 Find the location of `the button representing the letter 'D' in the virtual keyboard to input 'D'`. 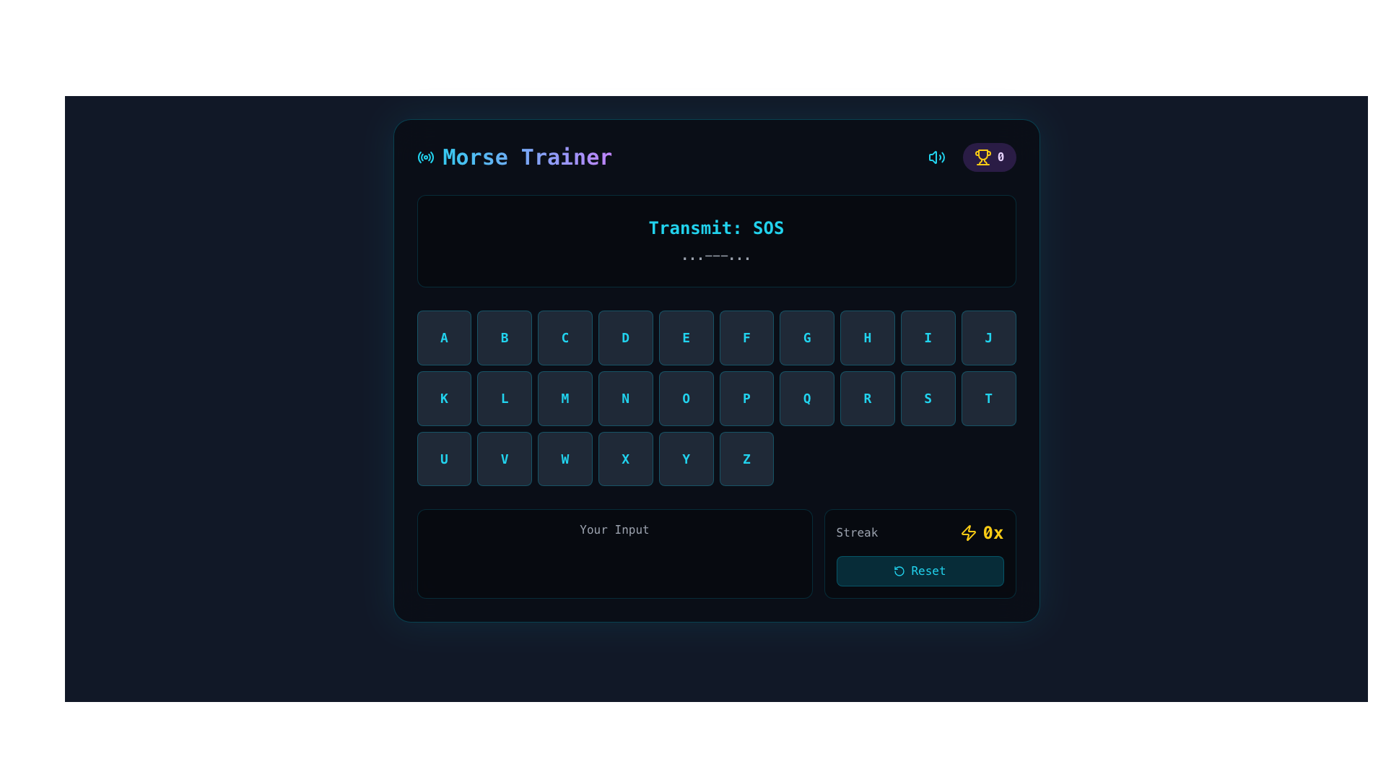

the button representing the letter 'D' in the virtual keyboard to input 'D' is located at coordinates (625, 337).